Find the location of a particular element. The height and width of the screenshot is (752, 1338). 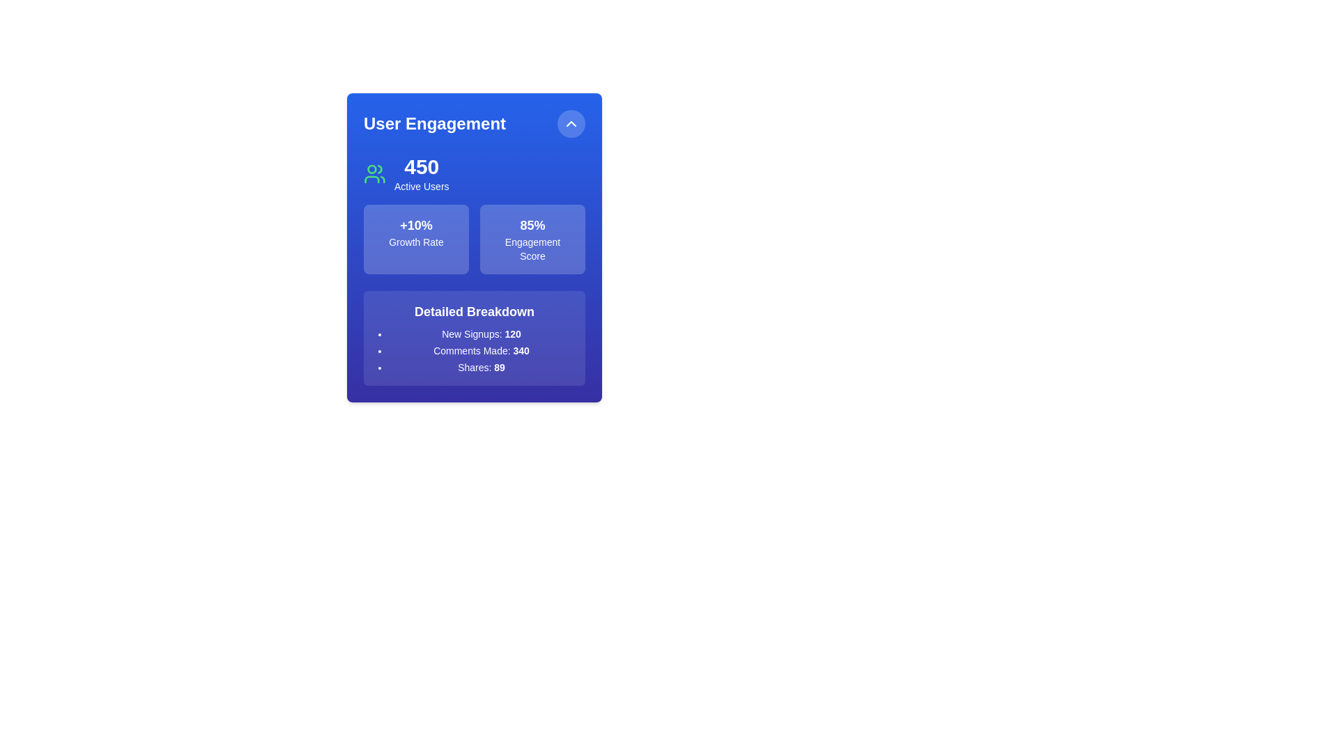

the upward-pointing chevron triangle icon located in the top-right corner of the User Engagement card, which is within a rounded, transparent white circle over a blue background is located at coordinates (571, 123).